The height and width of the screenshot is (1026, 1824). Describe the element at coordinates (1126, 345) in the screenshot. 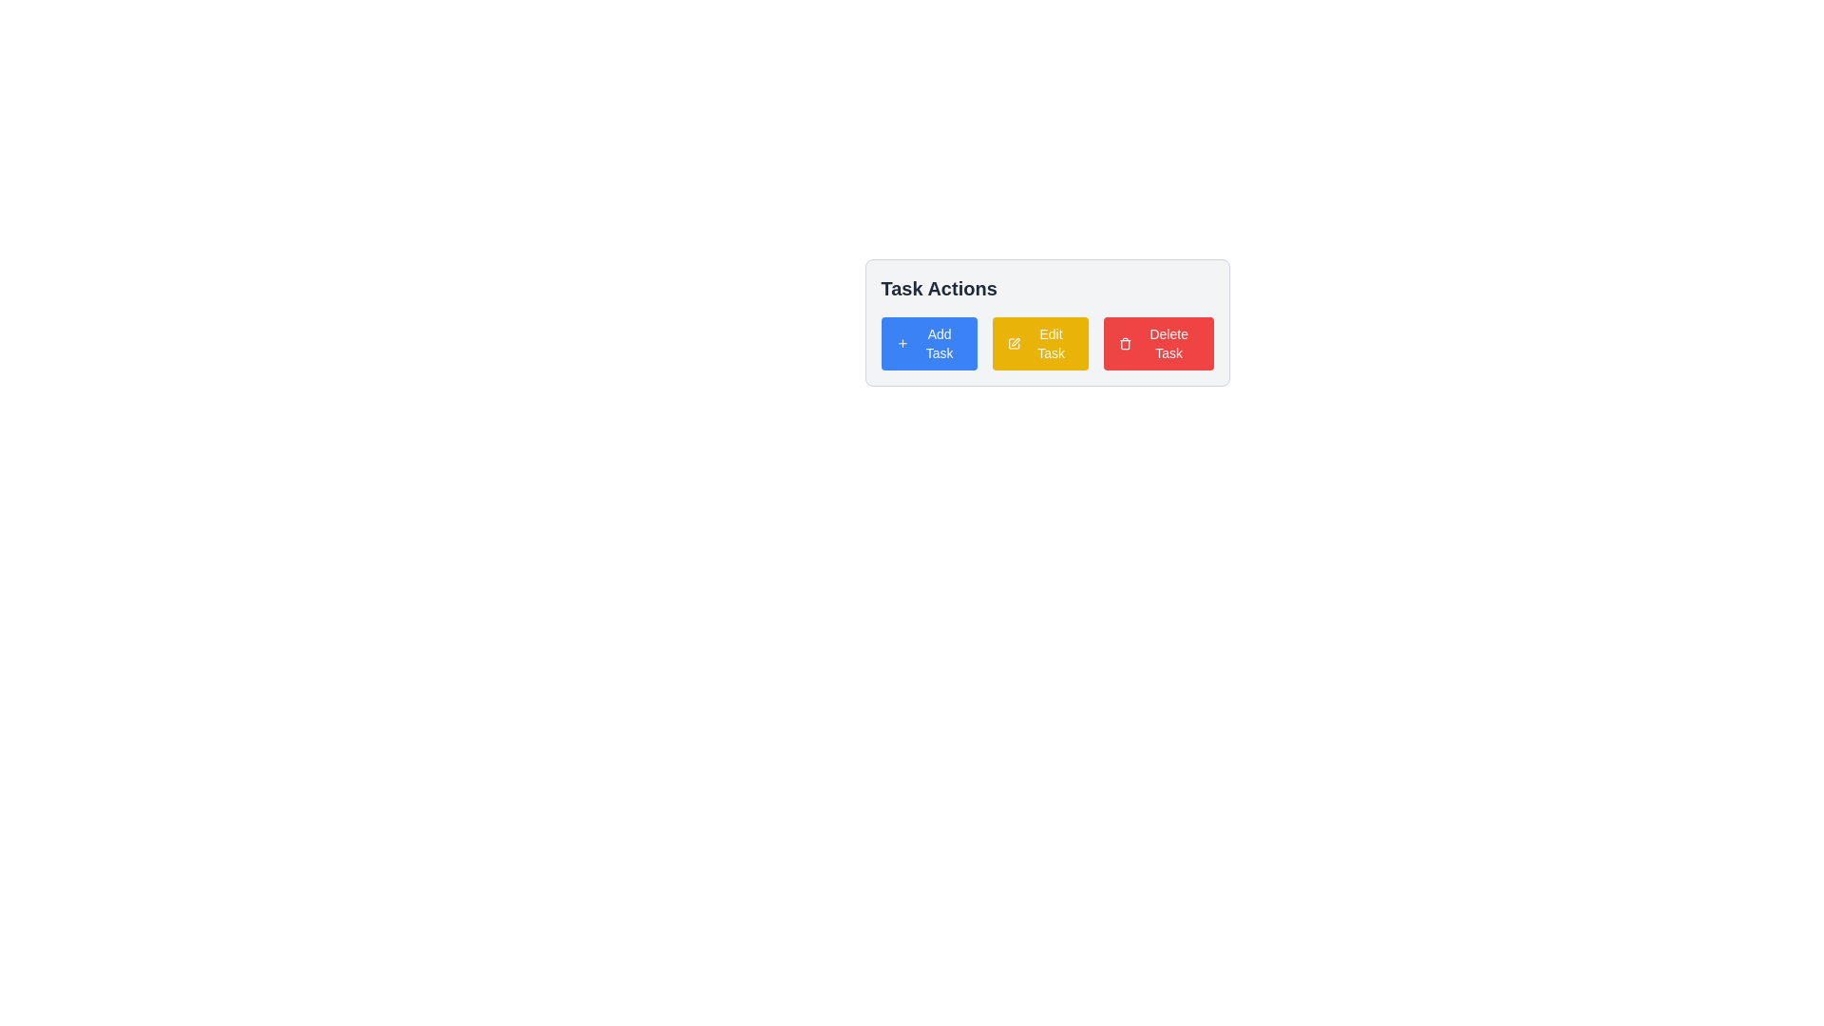

I see `the main body of the trash can icon within the Delete Task button, which is the third button in the horizontal row of action buttons in the 'Task Actions' section` at that location.